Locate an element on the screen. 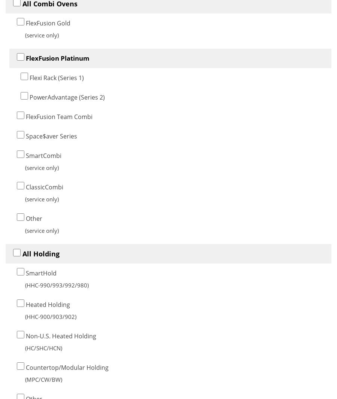  '(HC/SHC/HCN)' is located at coordinates (43, 348).